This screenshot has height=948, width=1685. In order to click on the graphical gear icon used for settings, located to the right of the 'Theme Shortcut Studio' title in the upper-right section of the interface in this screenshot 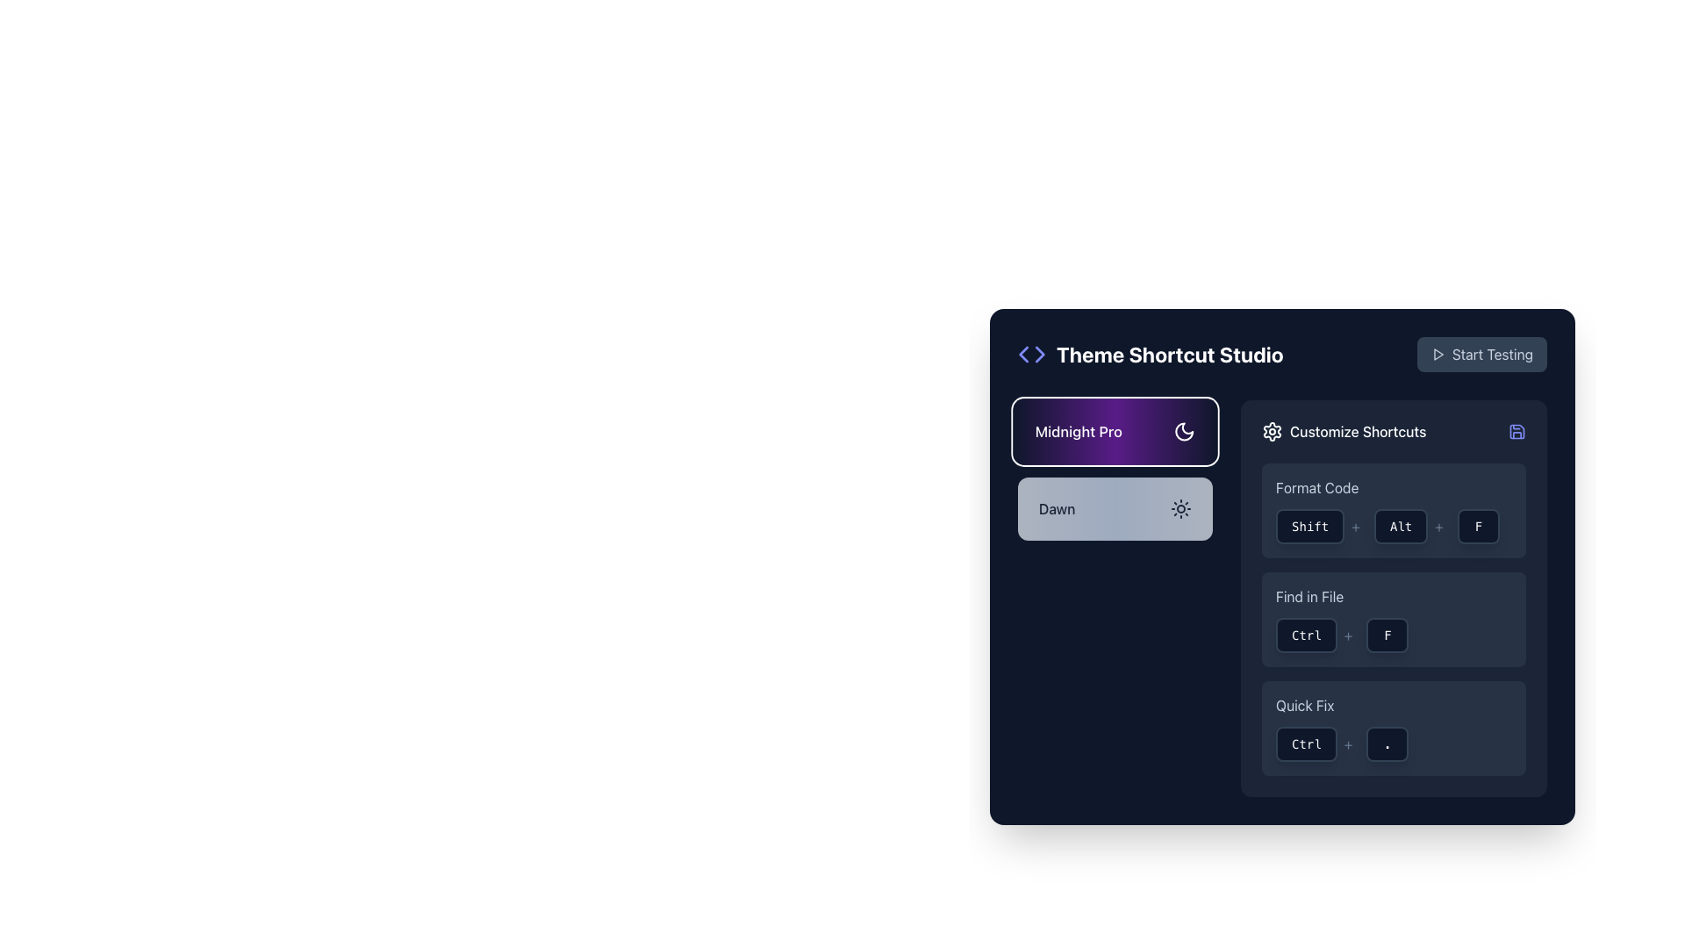, I will do `click(1272, 432)`.